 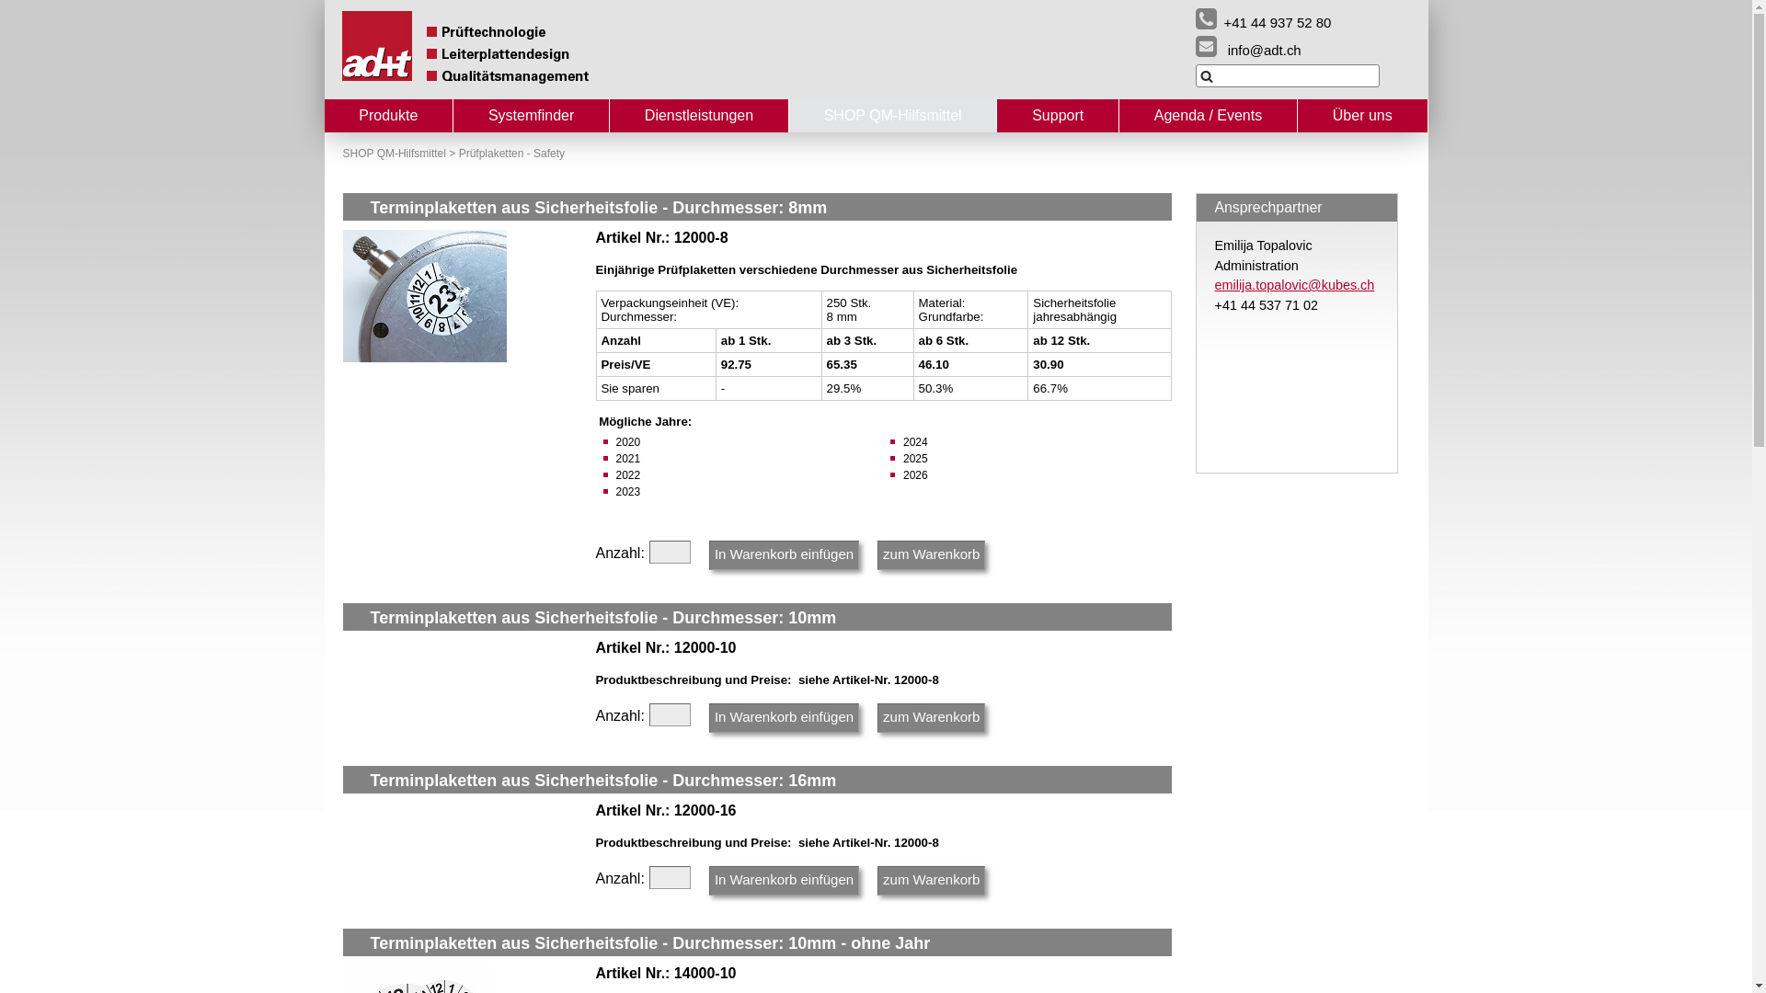 I want to click on 'SHOP QM-Hilfsmittel', so click(x=892, y=115).